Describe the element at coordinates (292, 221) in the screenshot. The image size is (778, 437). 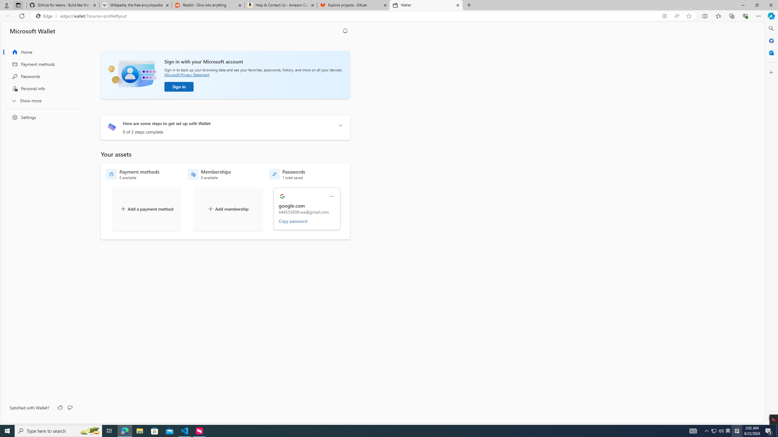
I see `'Copy password'` at that location.